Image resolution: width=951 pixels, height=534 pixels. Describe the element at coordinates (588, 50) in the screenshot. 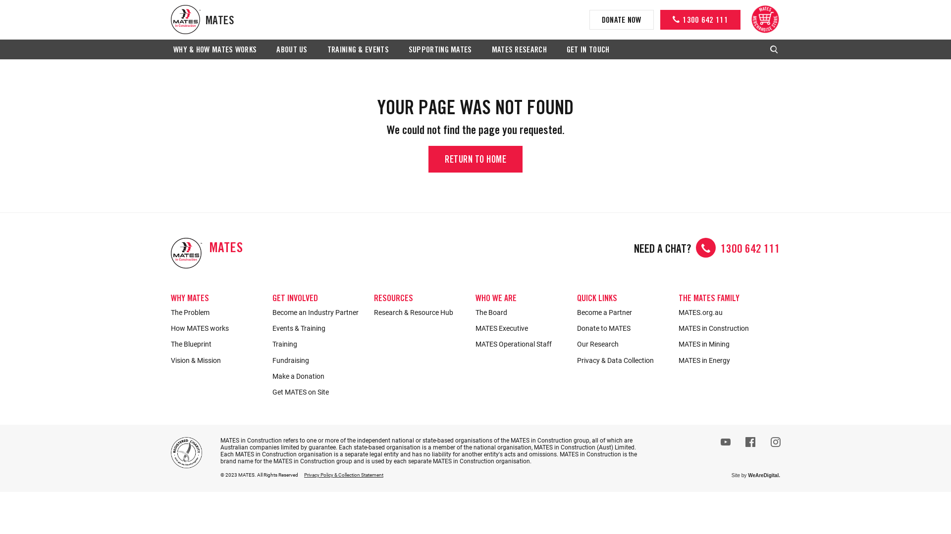

I see `'GET IN TOUCH'` at that location.